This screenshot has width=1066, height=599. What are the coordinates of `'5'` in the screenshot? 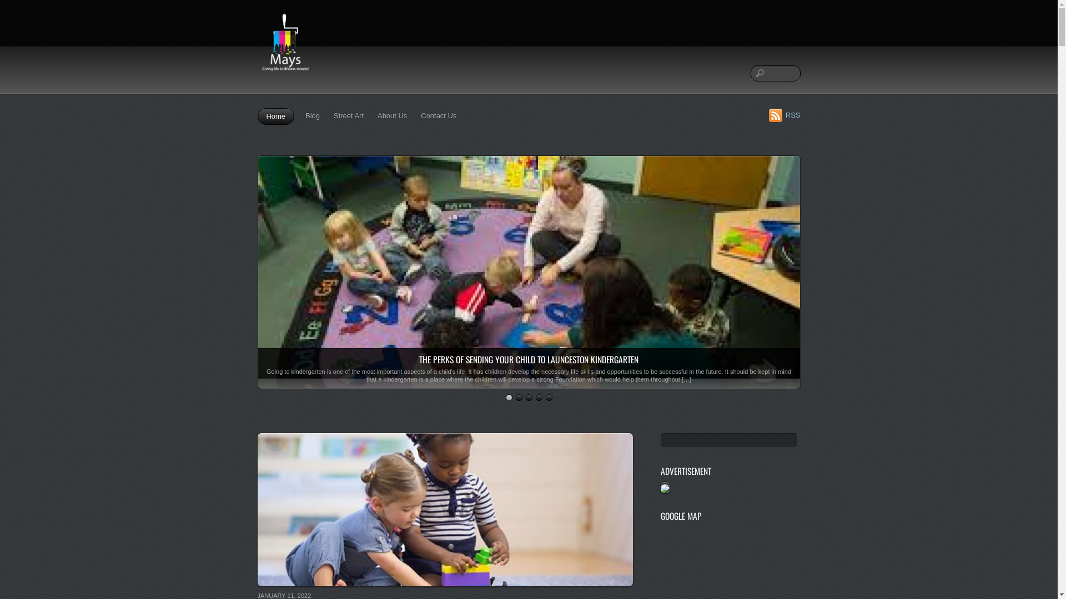 It's located at (545, 397).